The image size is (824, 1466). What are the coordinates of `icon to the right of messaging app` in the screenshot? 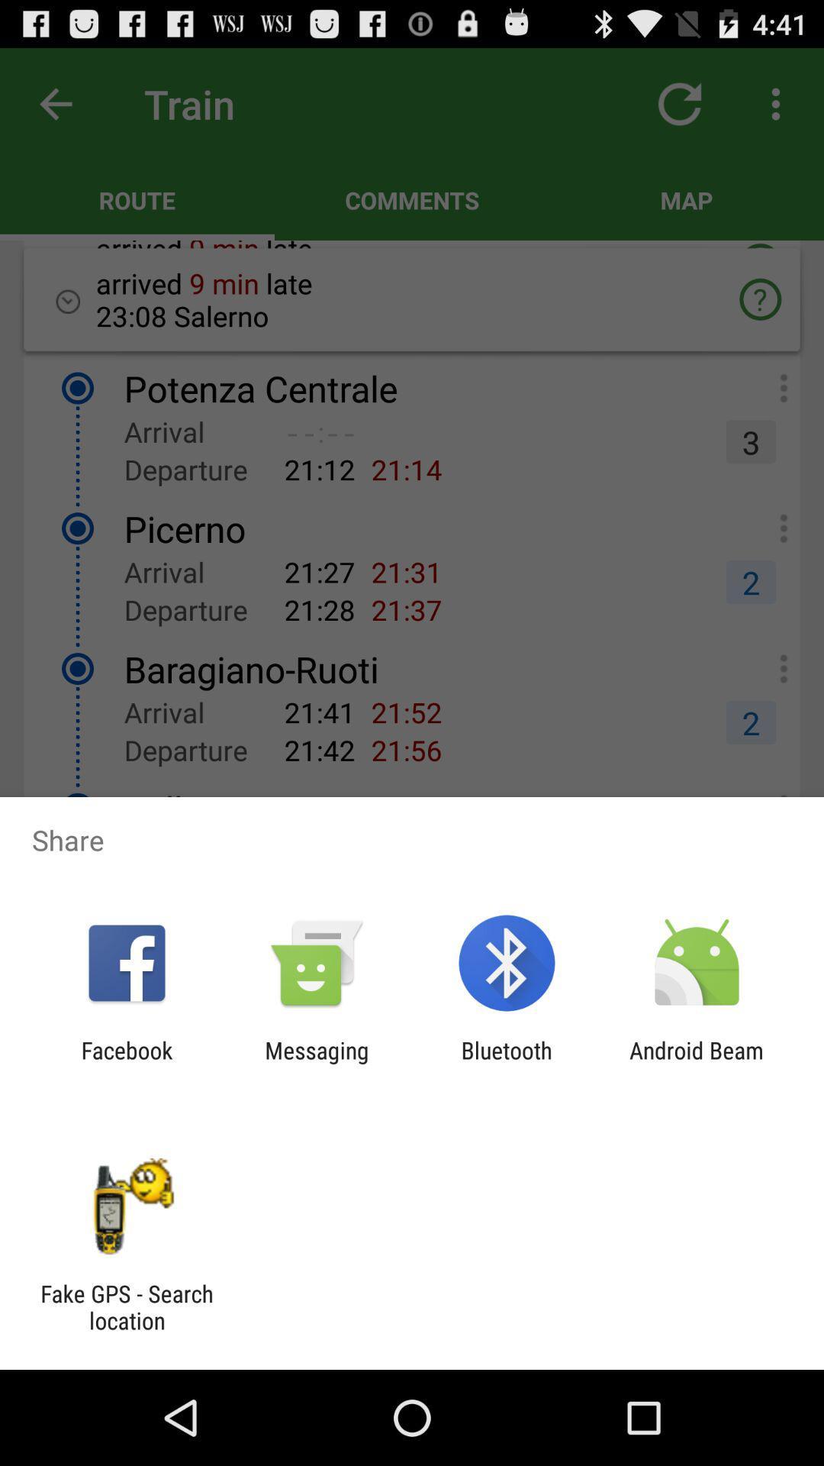 It's located at (507, 1063).